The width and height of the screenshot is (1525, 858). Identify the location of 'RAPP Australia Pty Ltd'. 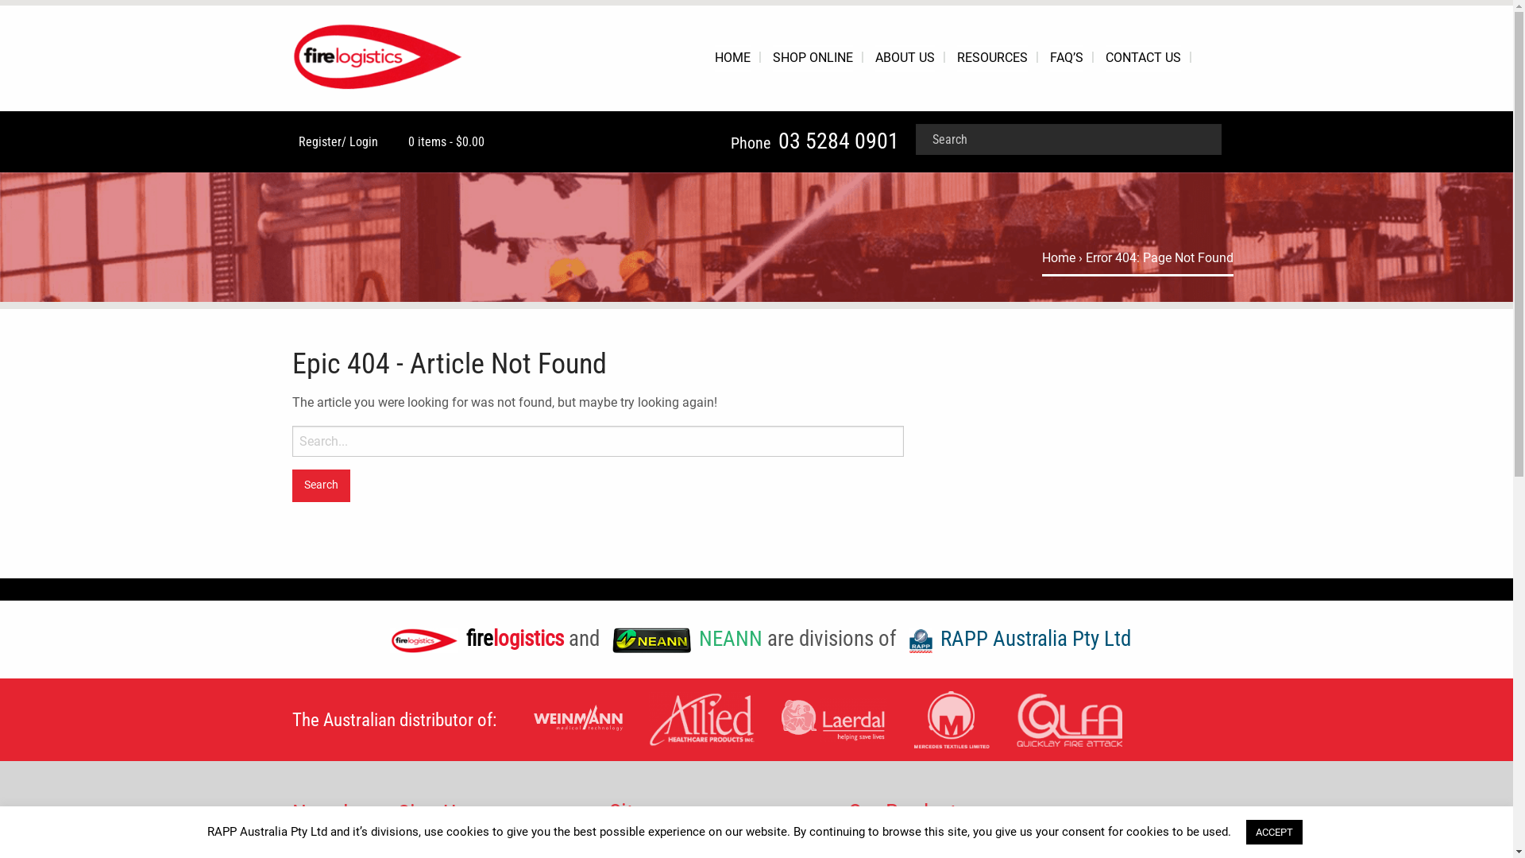
(1015, 637).